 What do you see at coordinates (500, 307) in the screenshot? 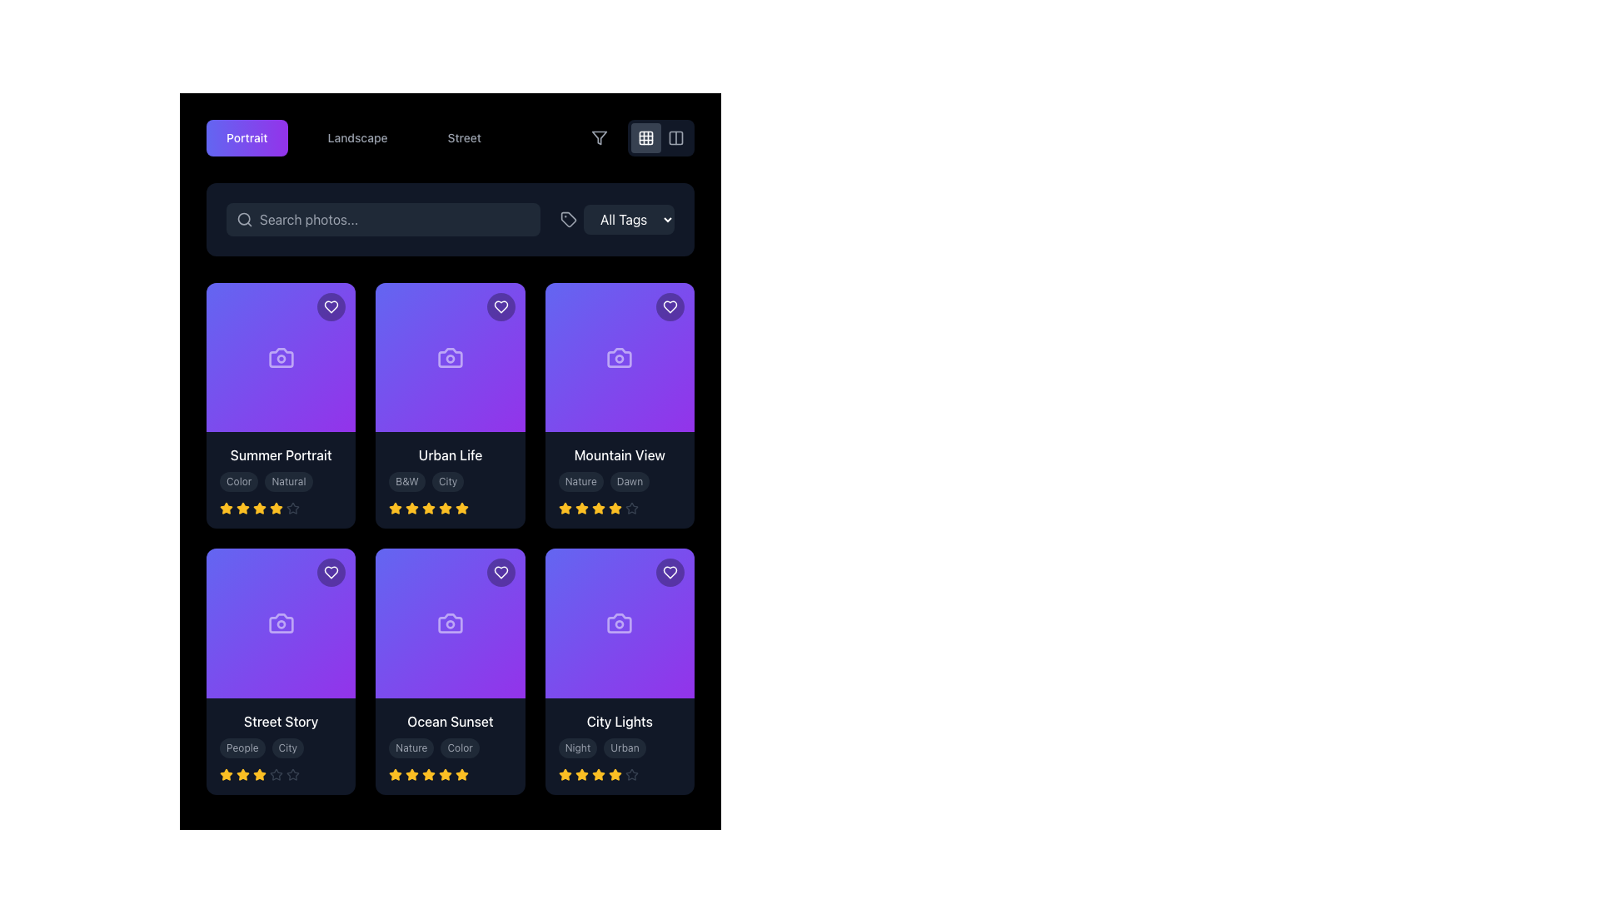
I see `the favorite button located in the top-right corner of the second card in the first row of the grid layout to mark the item as favorite` at bounding box center [500, 307].